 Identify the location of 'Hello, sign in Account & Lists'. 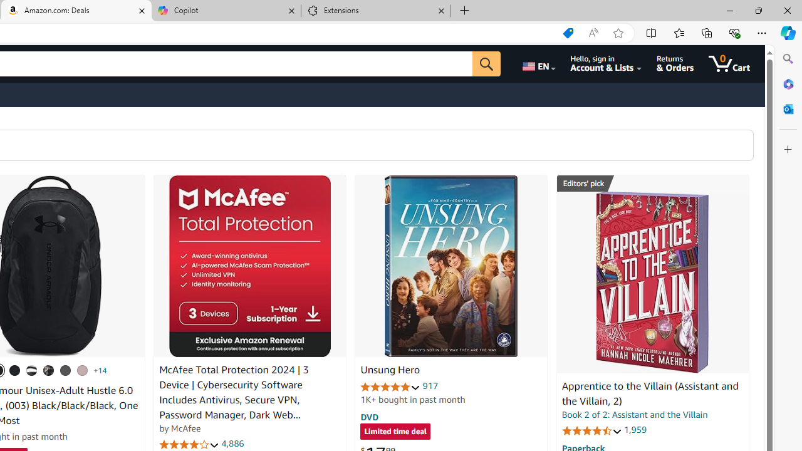
(606, 63).